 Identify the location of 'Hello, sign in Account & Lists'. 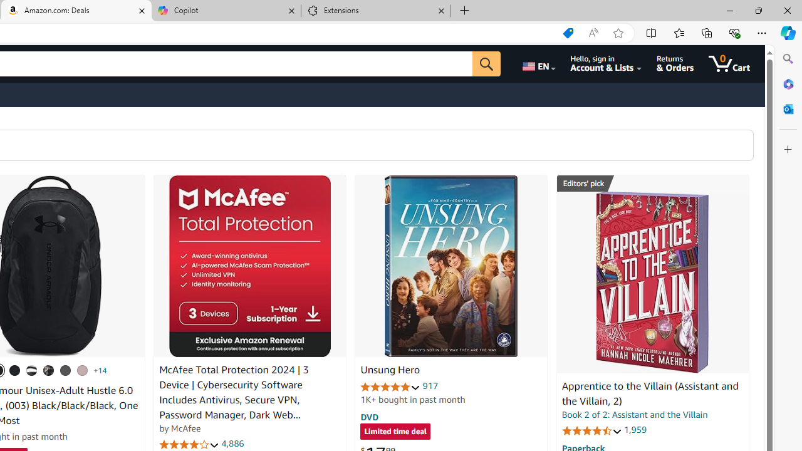
(606, 63).